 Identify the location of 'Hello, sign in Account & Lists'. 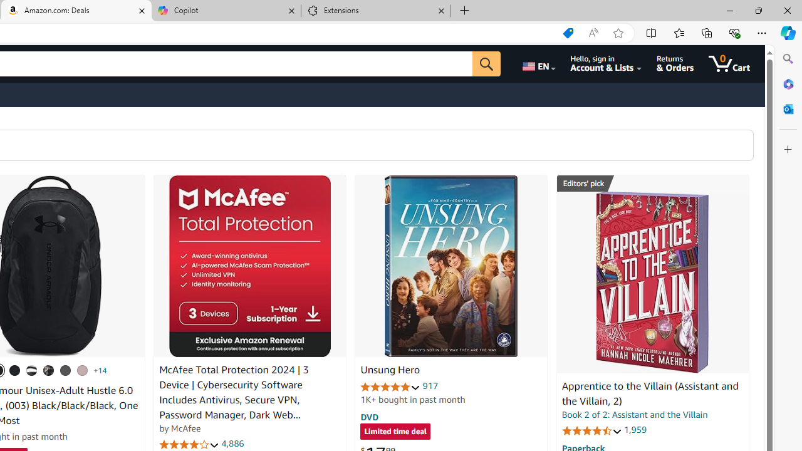
(606, 63).